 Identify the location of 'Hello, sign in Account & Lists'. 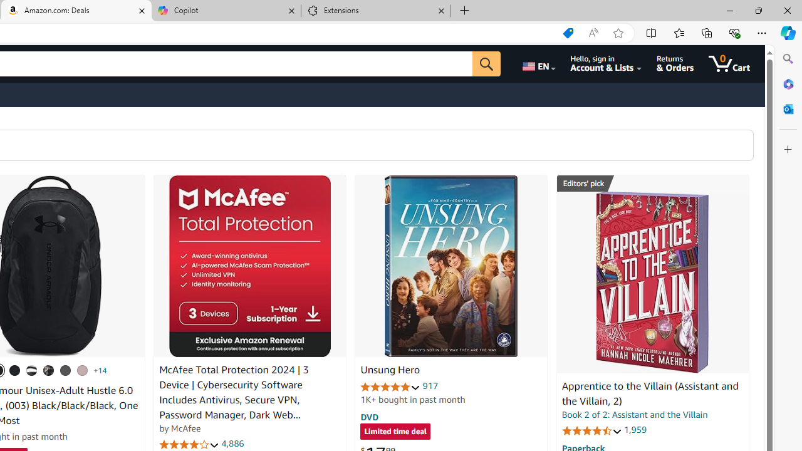
(606, 63).